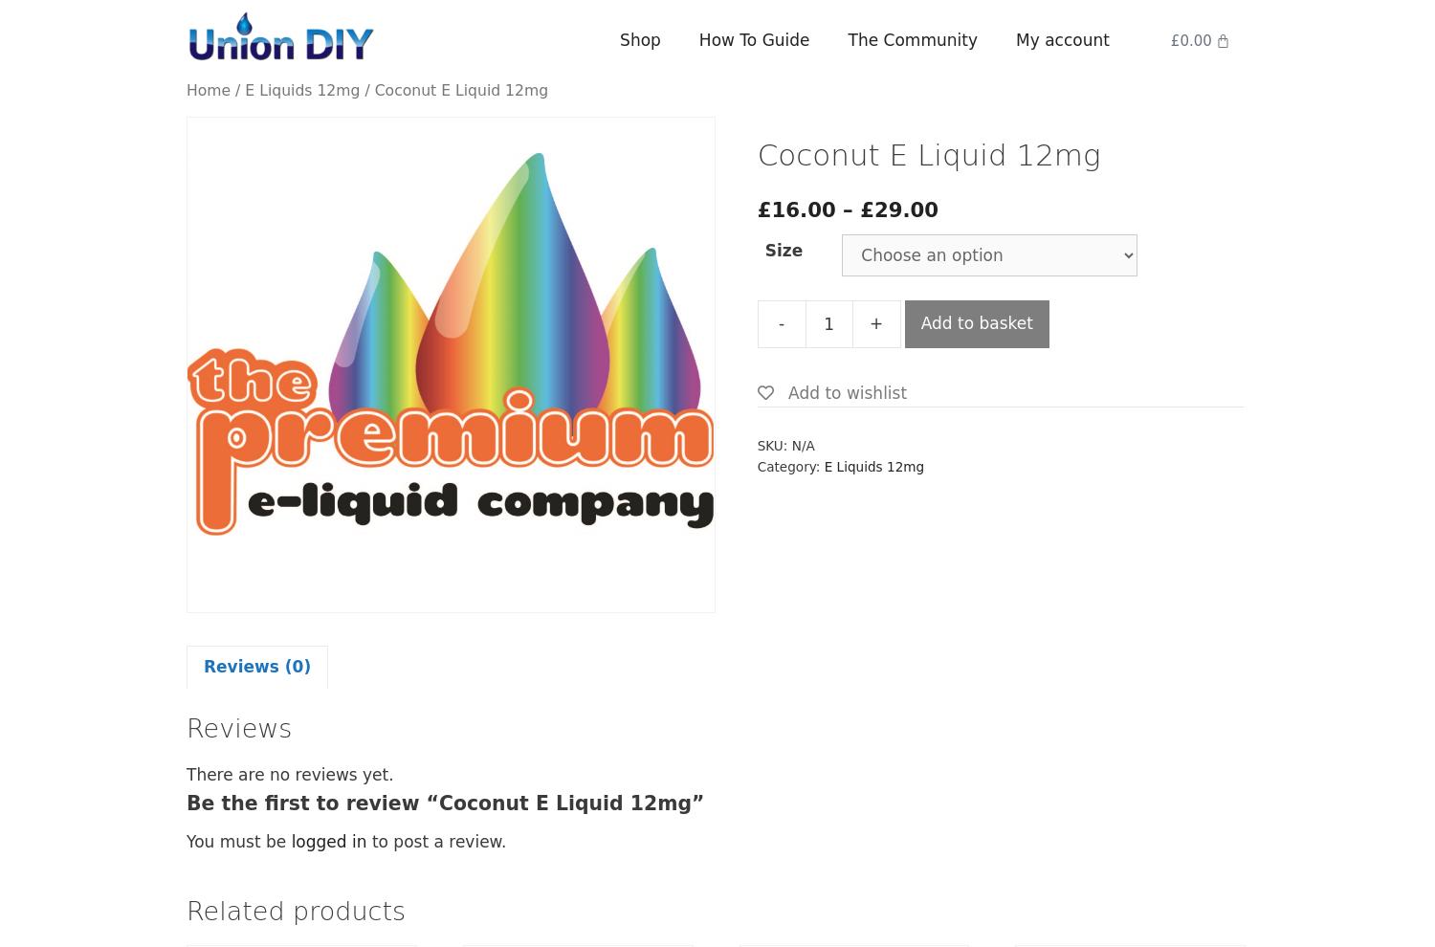 This screenshot has height=947, width=1435. What do you see at coordinates (918, 321) in the screenshot?
I see `'Add to basket'` at bounding box center [918, 321].